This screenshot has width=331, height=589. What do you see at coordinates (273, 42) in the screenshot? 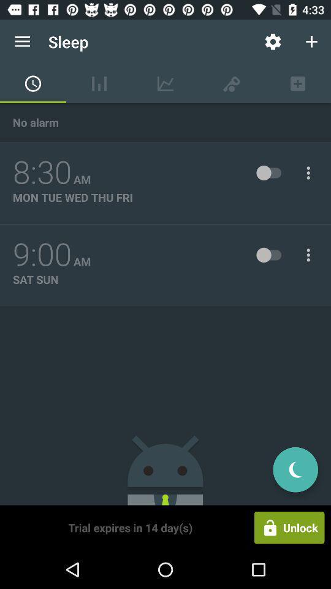
I see `the app next to the sleep` at bounding box center [273, 42].